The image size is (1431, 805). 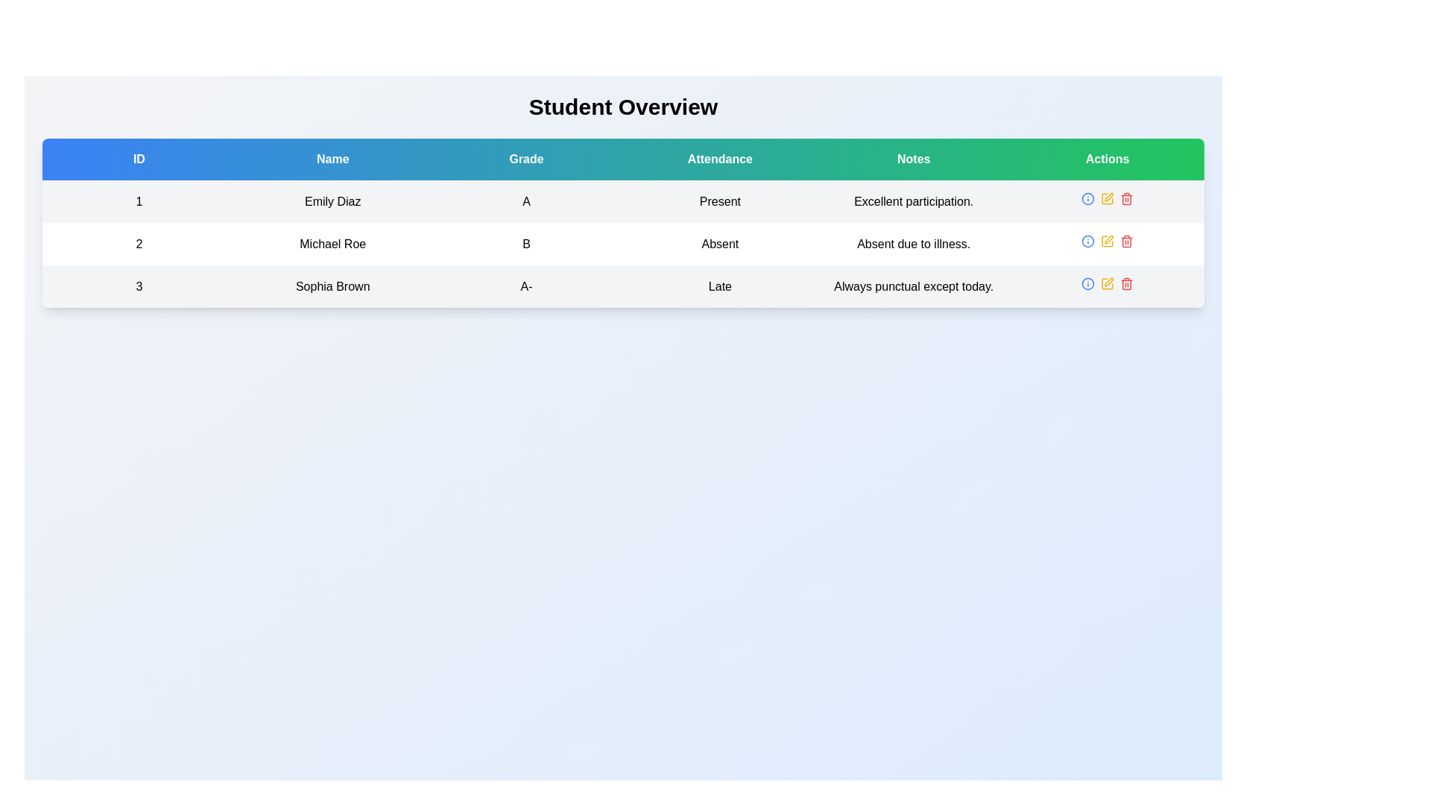 I want to click on text content of the Table Header Cell indicating names of individuals or entities, which is the second cell in the header row between 'ID' and 'Grade', so click(x=332, y=159).